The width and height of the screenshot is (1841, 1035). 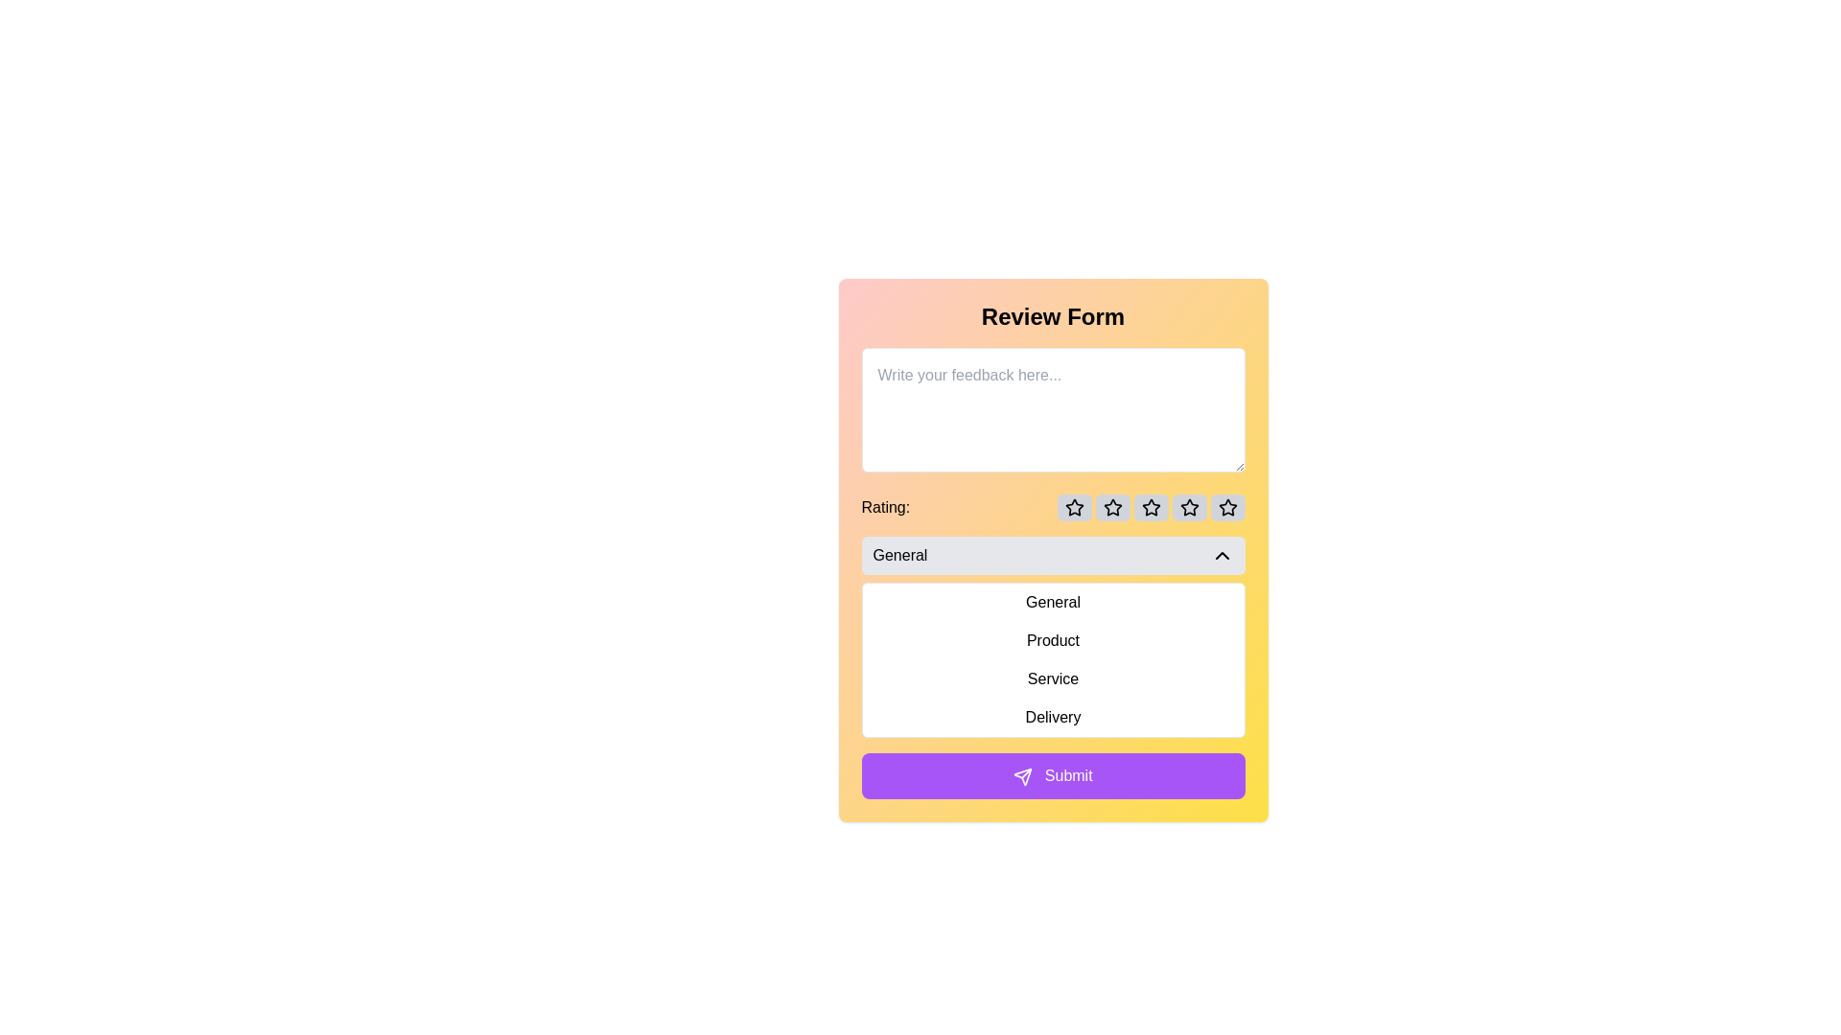 What do you see at coordinates (1022, 776) in the screenshot?
I see `the first triangular SVG graphic icon with a thin border outline located towards the bottom of the interface` at bounding box center [1022, 776].